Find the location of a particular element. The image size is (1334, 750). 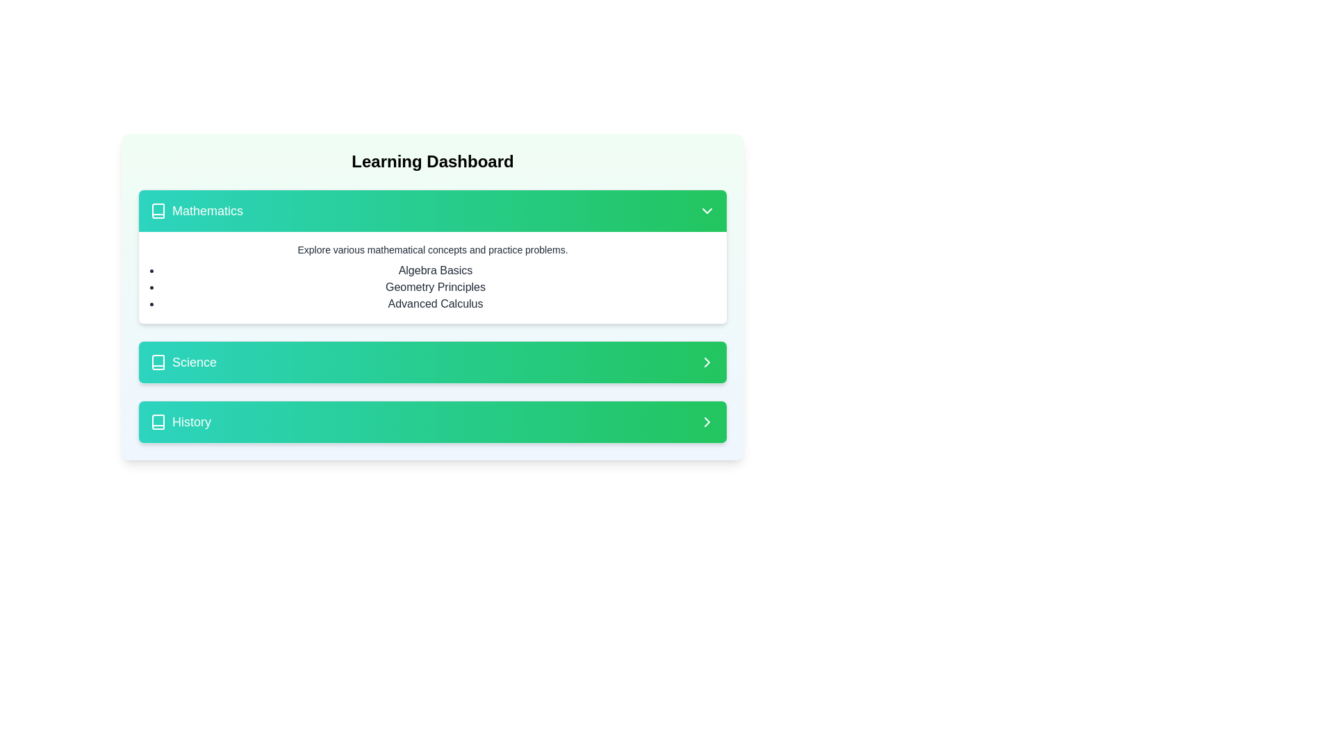

the 'History' button, which is the third item in a vertical list within the learning dashboard interface is located at coordinates (432, 422).